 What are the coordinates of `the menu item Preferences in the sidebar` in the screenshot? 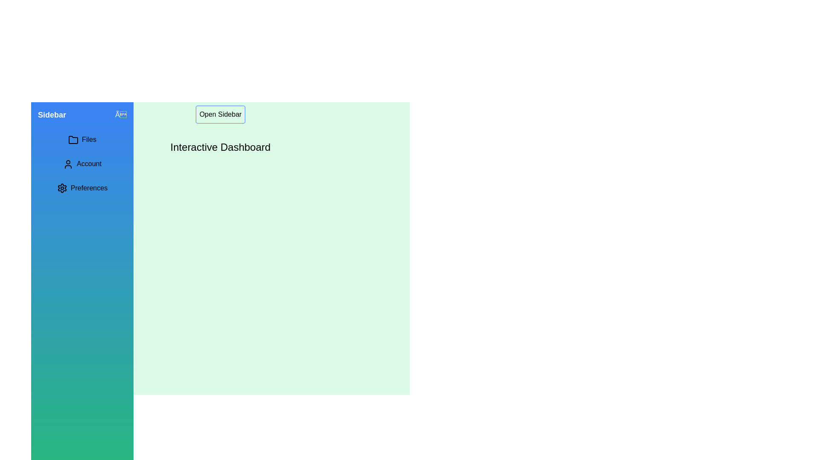 It's located at (82, 188).